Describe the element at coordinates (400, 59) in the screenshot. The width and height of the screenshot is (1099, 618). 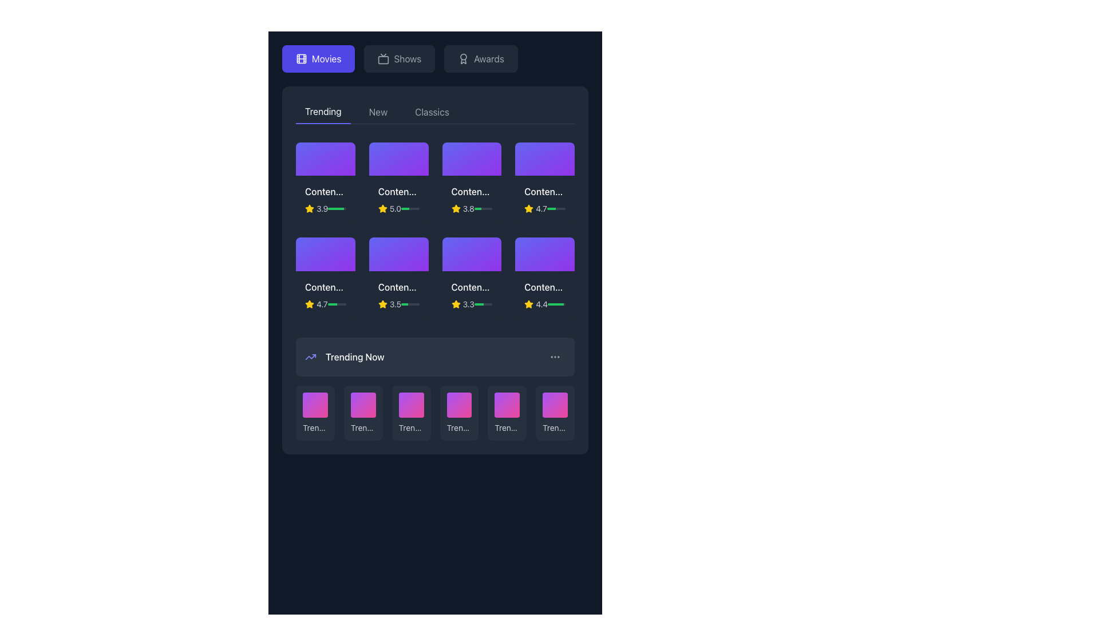
I see `the second button in a row of three buttons, located near the top of the interface` at that location.